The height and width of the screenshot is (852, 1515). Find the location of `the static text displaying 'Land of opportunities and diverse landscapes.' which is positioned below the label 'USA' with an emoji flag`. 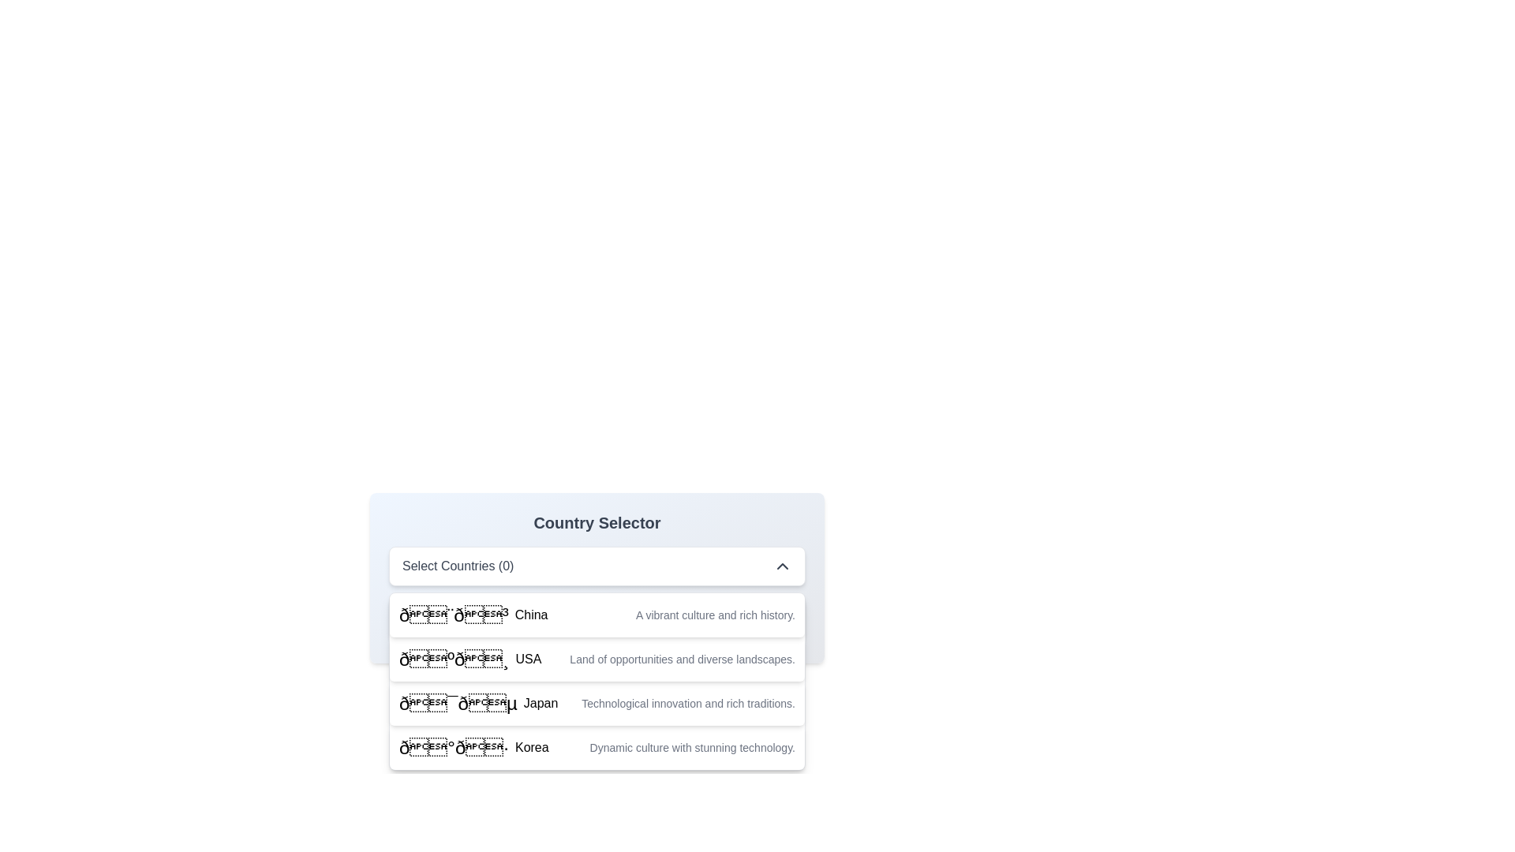

the static text displaying 'Land of opportunities and diverse landscapes.' which is positioned below the label 'USA' with an emoji flag is located at coordinates (683, 660).